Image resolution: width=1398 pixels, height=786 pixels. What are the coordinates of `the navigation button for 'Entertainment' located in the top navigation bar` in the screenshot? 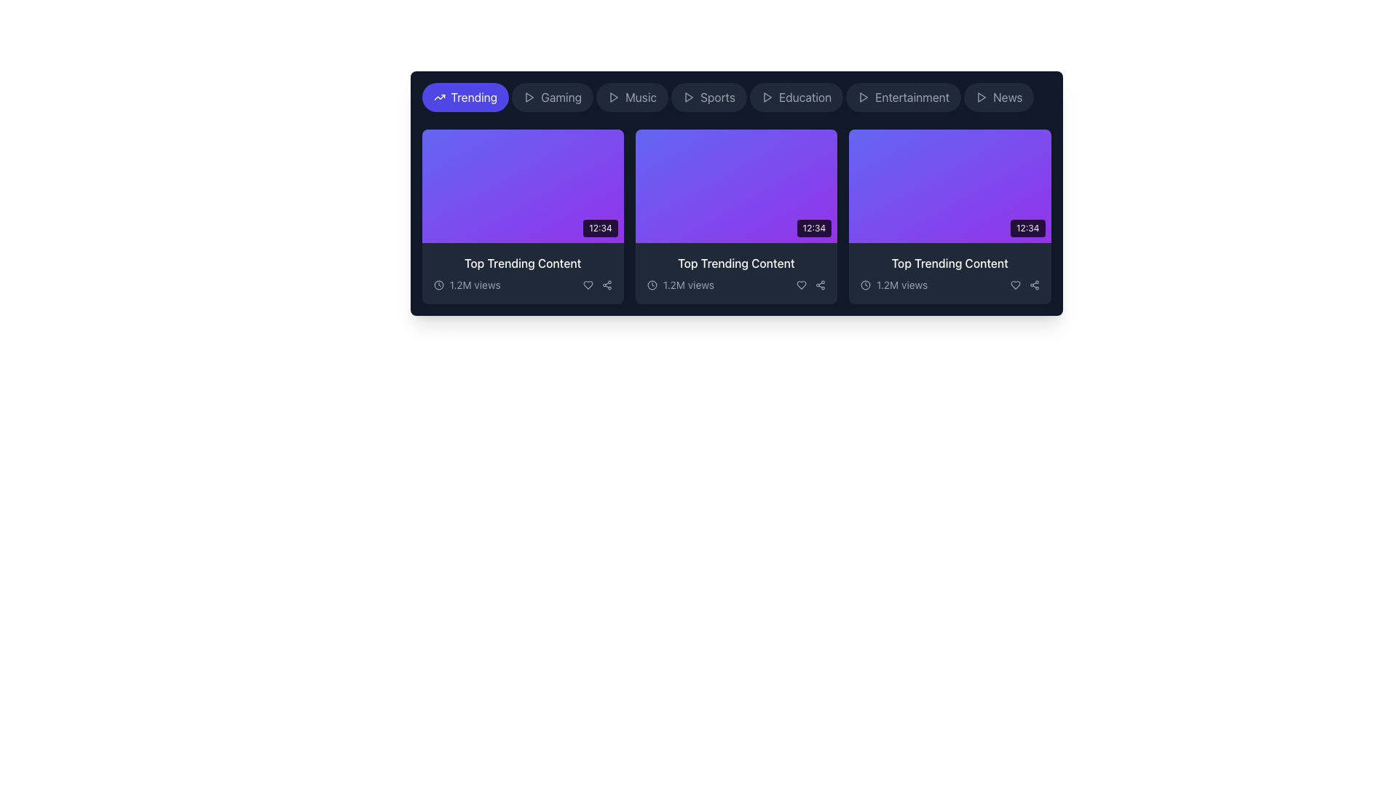 It's located at (903, 98).